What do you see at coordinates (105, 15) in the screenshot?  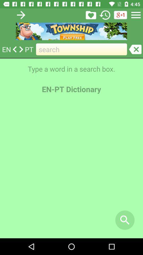 I see `the history icon` at bounding box center [105, 15].